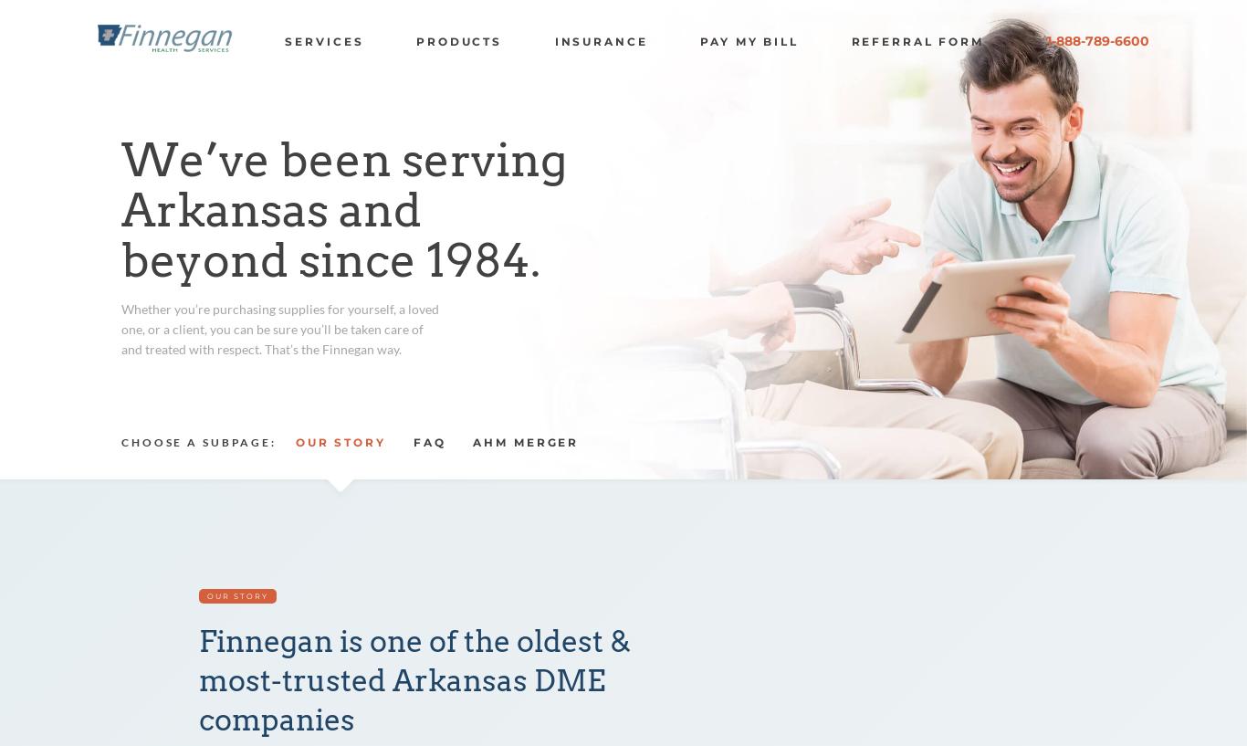 Image resolution: width=1247 pixels, height=746 pixels. I want to click on '1-888-789-6600', so click(1098, 39).